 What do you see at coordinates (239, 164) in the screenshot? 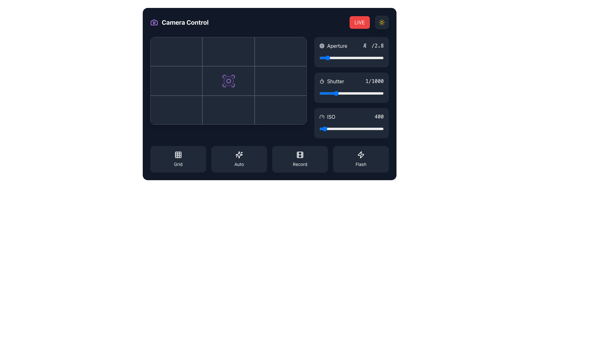
I see `the text label displaying 'Auto', which is part of a dark-themed button located on the bottom row of the interface` at bounding box center [239, 164].